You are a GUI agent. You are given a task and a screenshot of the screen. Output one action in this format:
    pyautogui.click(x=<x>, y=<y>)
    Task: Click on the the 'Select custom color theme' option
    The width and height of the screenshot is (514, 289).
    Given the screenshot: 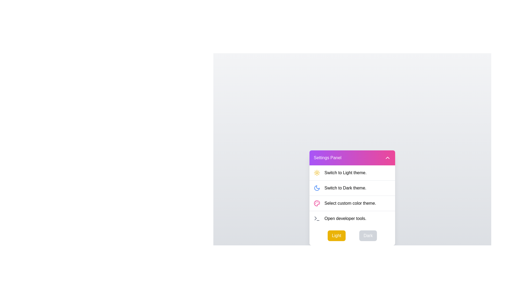 What is the action you would take?
    pyautogui.click(x=352, y=203)
    